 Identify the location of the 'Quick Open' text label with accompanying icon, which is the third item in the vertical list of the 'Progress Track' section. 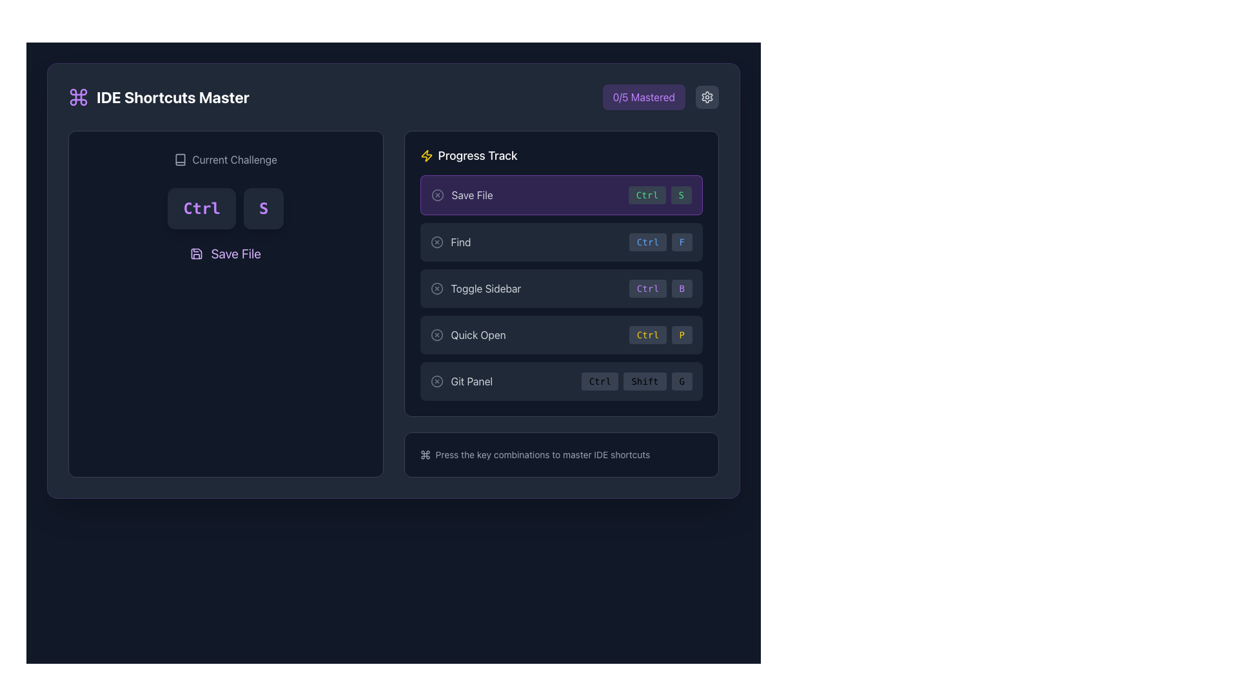
(467, 334).